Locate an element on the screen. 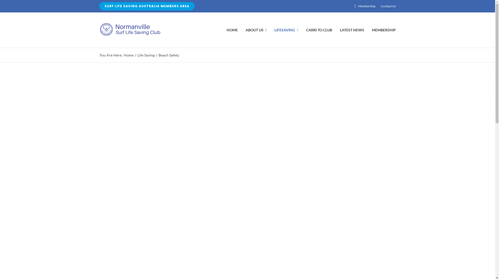 The width and height of the screenshot is (499, 280). 'ABOUT US' is located at coordinates (256, 30).